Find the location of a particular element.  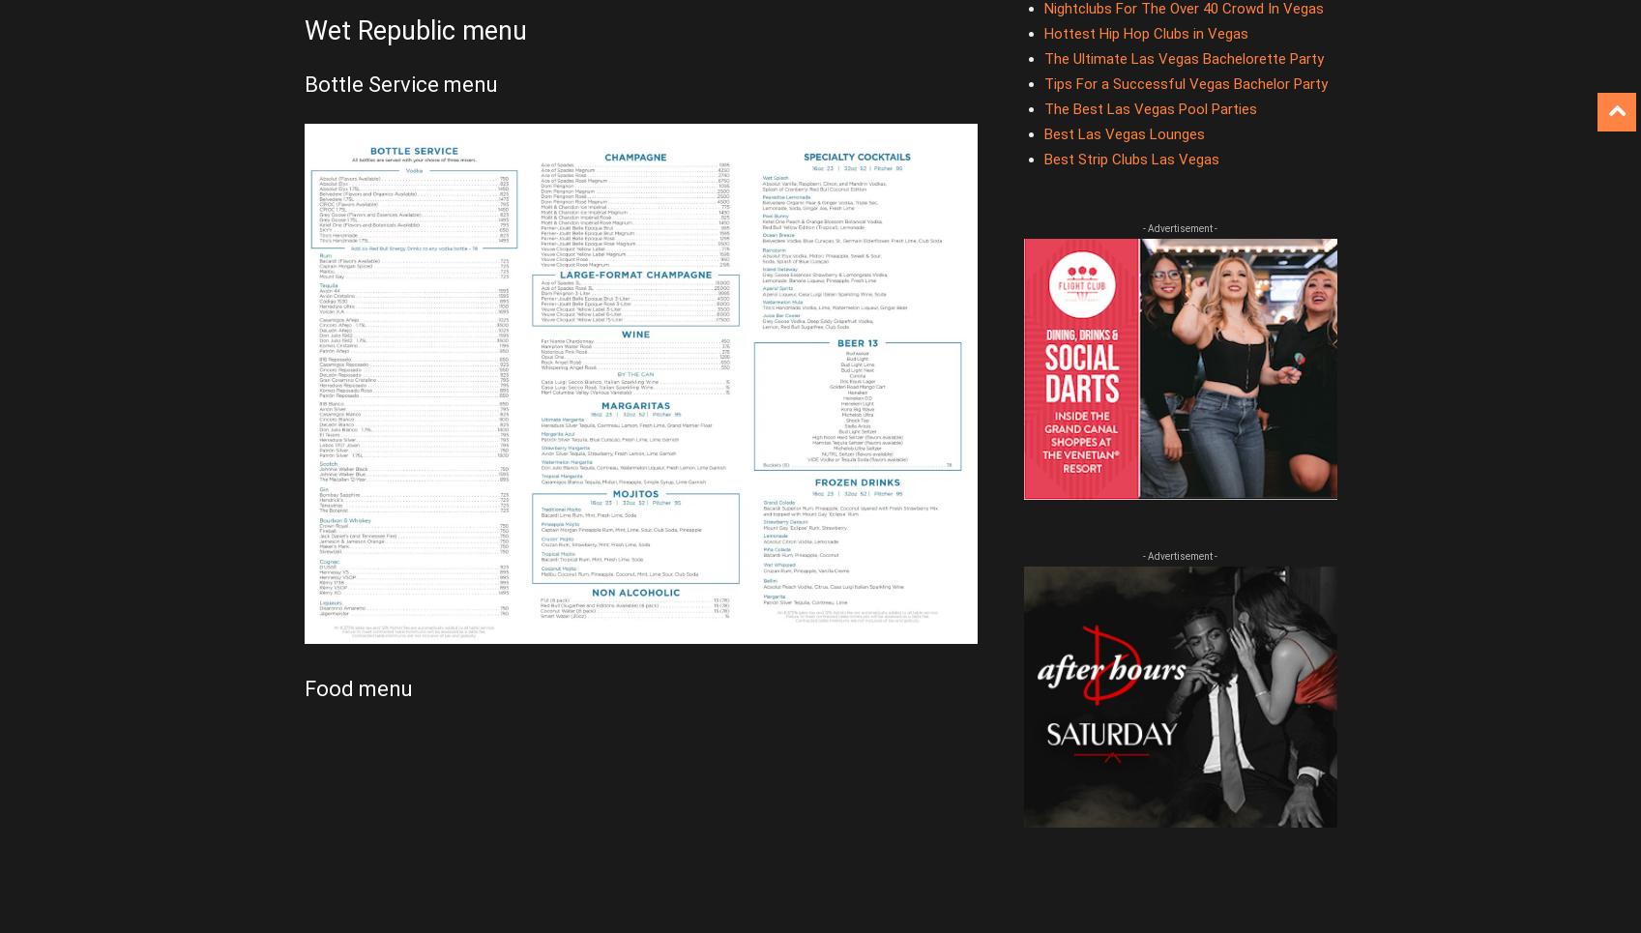

'The Best Las Vegas Pool Parties' is located at coordinates (1041, 109).